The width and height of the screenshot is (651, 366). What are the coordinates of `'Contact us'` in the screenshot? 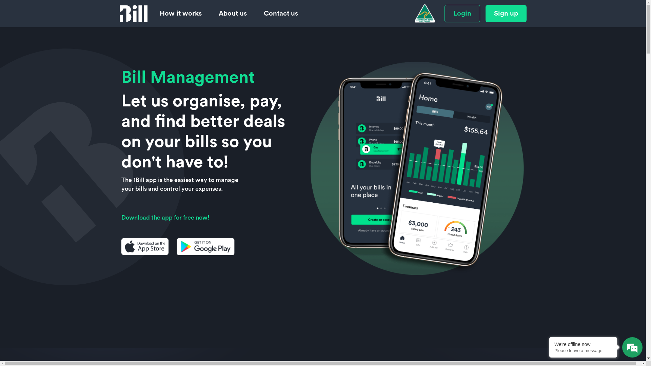 It's located at (281, 13).